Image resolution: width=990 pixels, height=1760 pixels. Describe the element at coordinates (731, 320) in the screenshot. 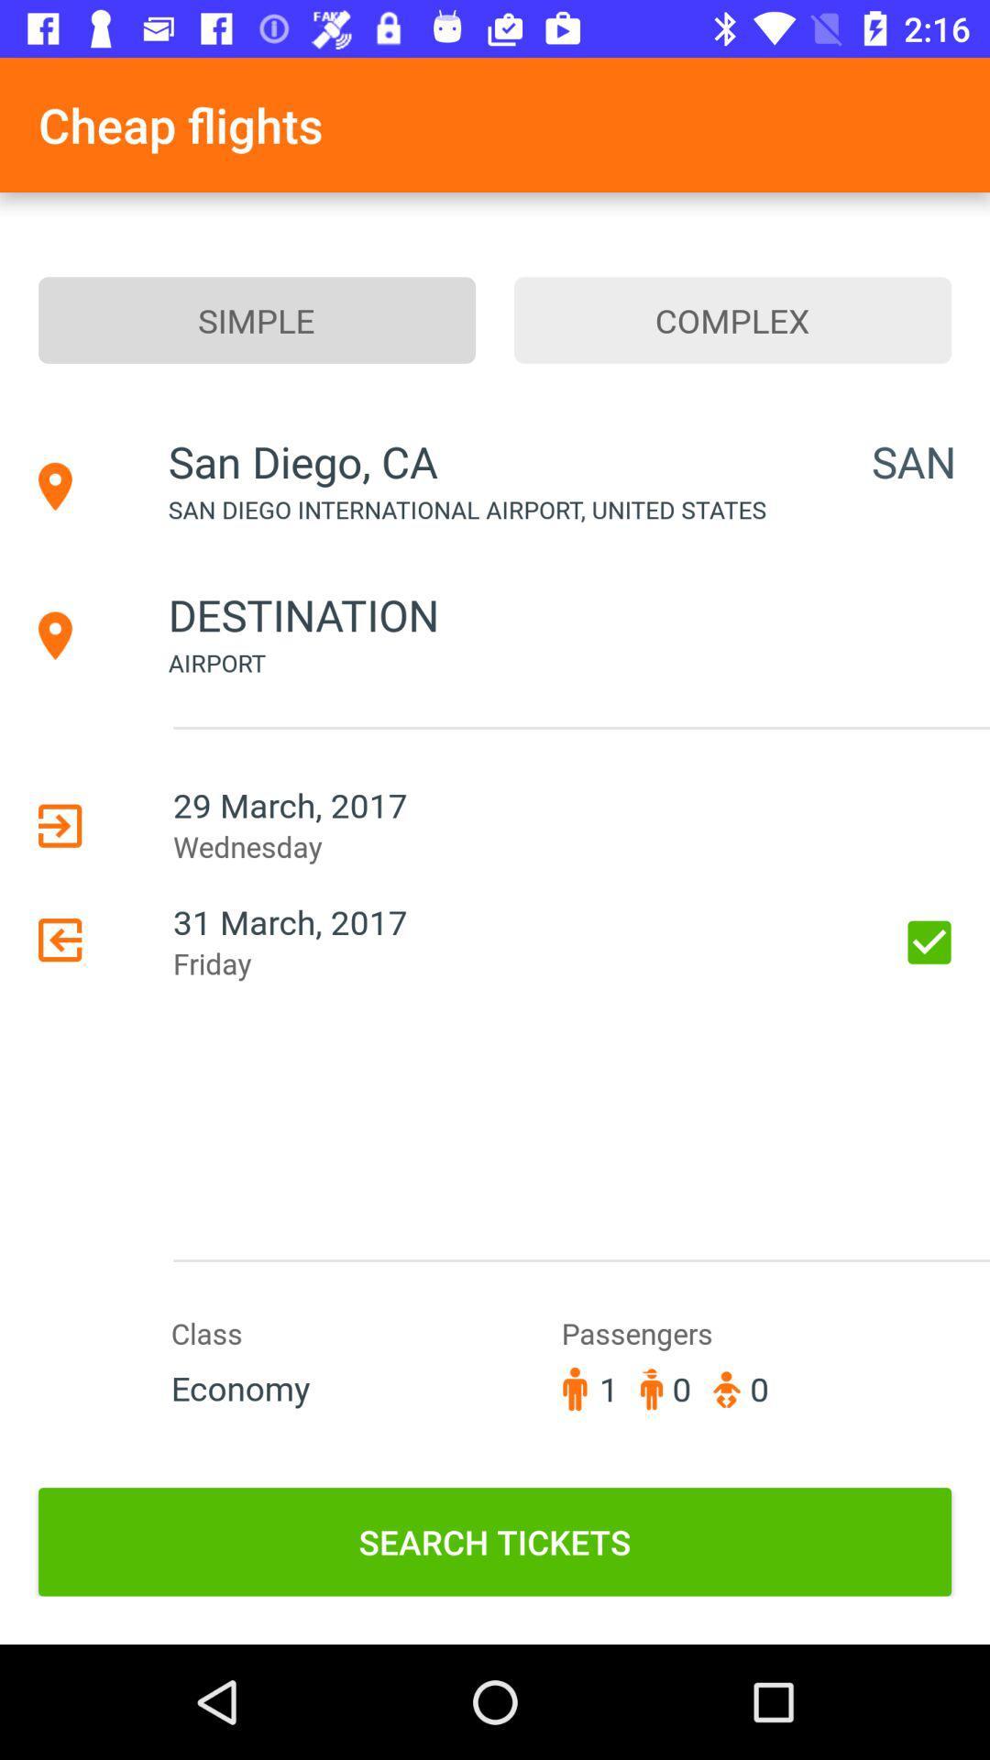

I see `item above san` at that location.